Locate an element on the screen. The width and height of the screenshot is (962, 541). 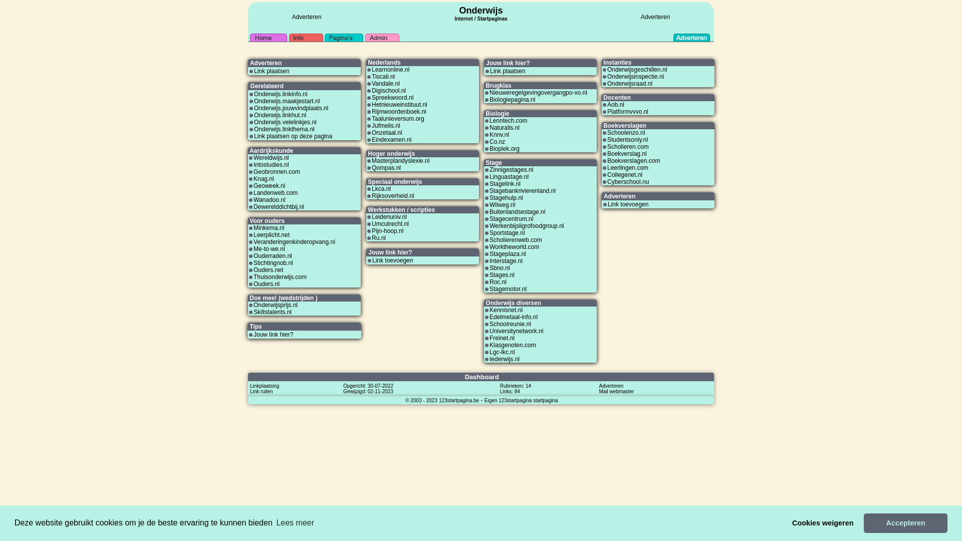
'Leerlingen.com' is located at coordinates (627, 167).